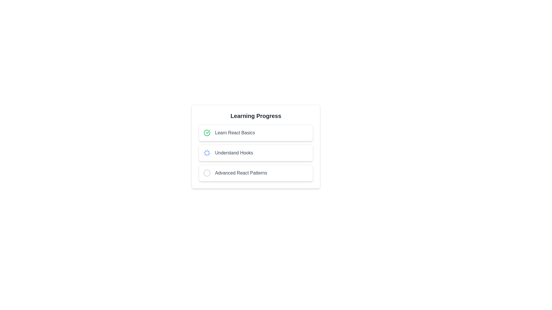 This screenshot has height=310, width=552. What do you see at coordinates (255, 152) in the screenshot?
I see `an item within the progress tracker list located under the 'Learning Progress' heading` at bounding box center [255, 152].